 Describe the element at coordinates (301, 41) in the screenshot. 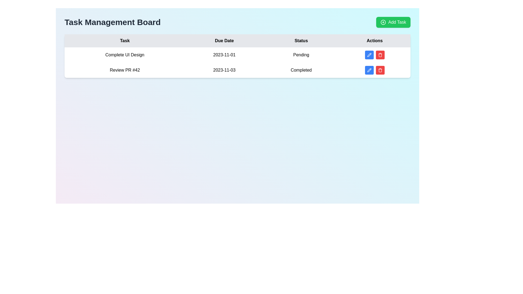

I see `the 'Status' header label, which is styled as bold text and is centered within a light gray background bar, located in the top header row of a table` at that location.